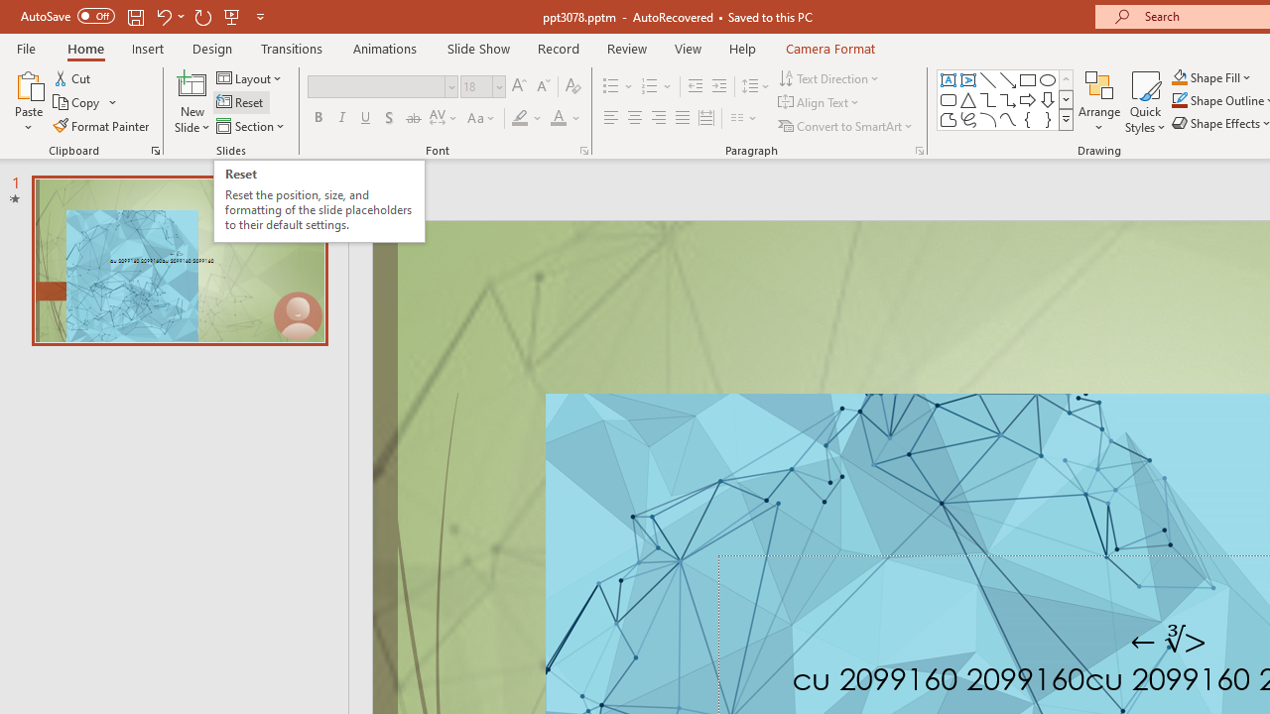  I want to click on 'Justify', so click(683, 118).